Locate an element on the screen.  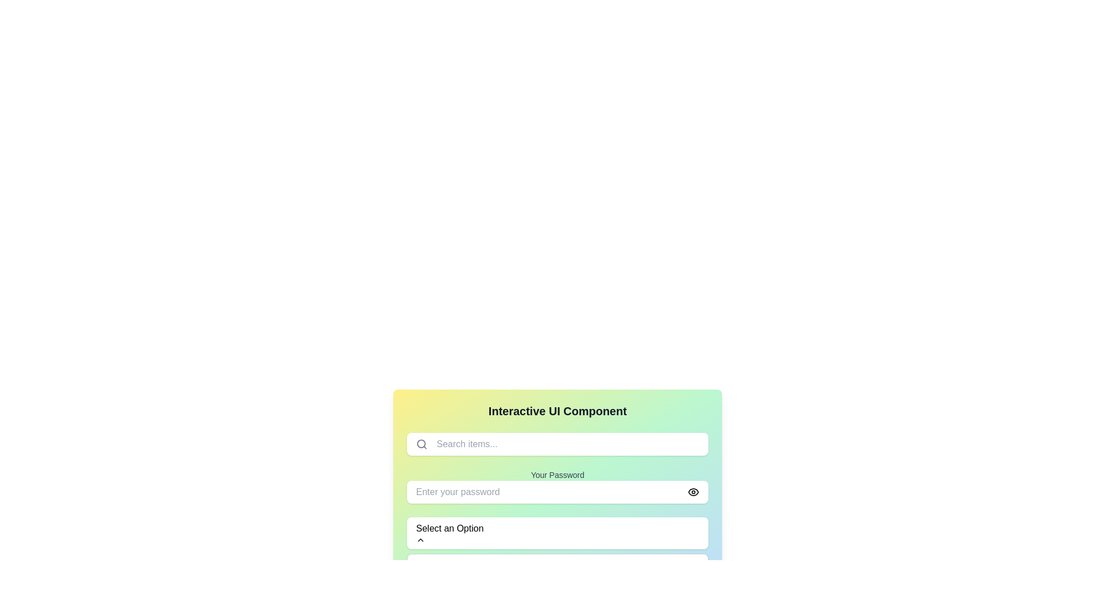
the search icon, which is a gray magnifying glass design located at the left end of the search bar on the top area of the UI panel is located at coordinates (421, 444).